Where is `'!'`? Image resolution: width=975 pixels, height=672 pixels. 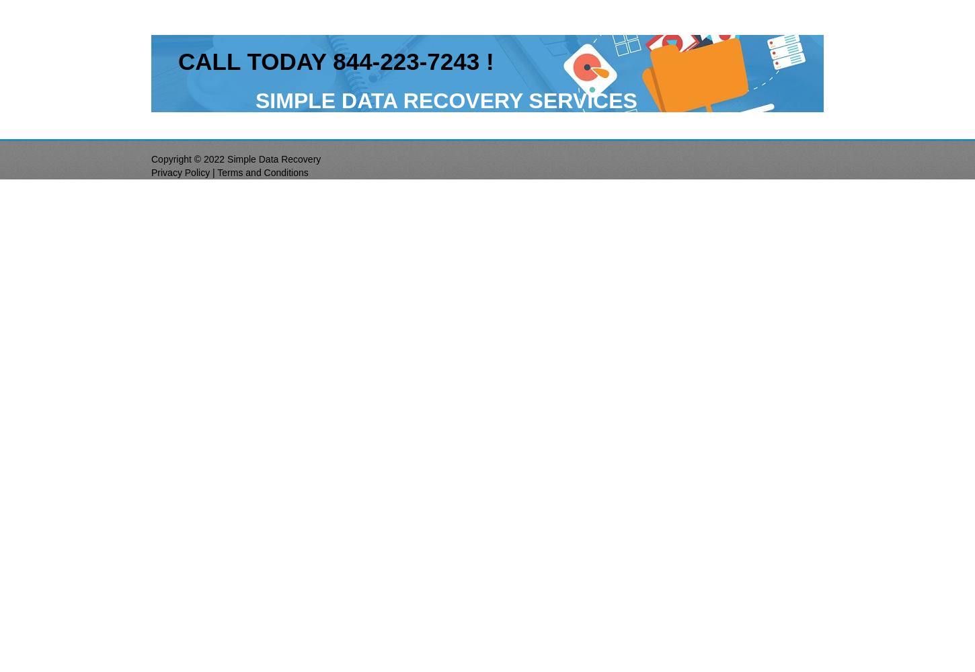
'!' is located at coordinates (484, 60).